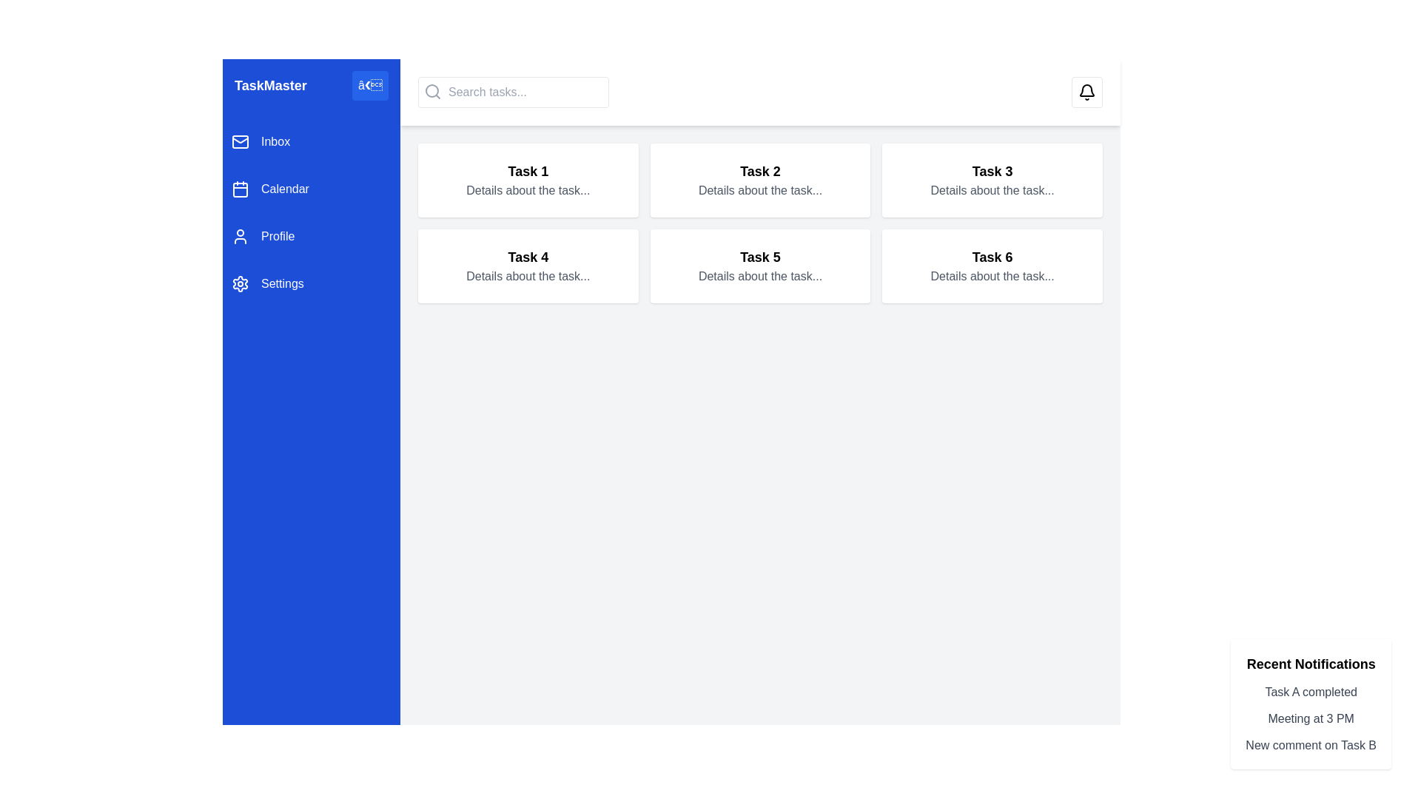 This screenshot has width=1421, height=799. I want to click on the informational card titled 'Recent Notifications', which contains three items: 'Task A completed', 'Meeting at 3 PM', and 'New comment on Task B', so click(1311, 704).